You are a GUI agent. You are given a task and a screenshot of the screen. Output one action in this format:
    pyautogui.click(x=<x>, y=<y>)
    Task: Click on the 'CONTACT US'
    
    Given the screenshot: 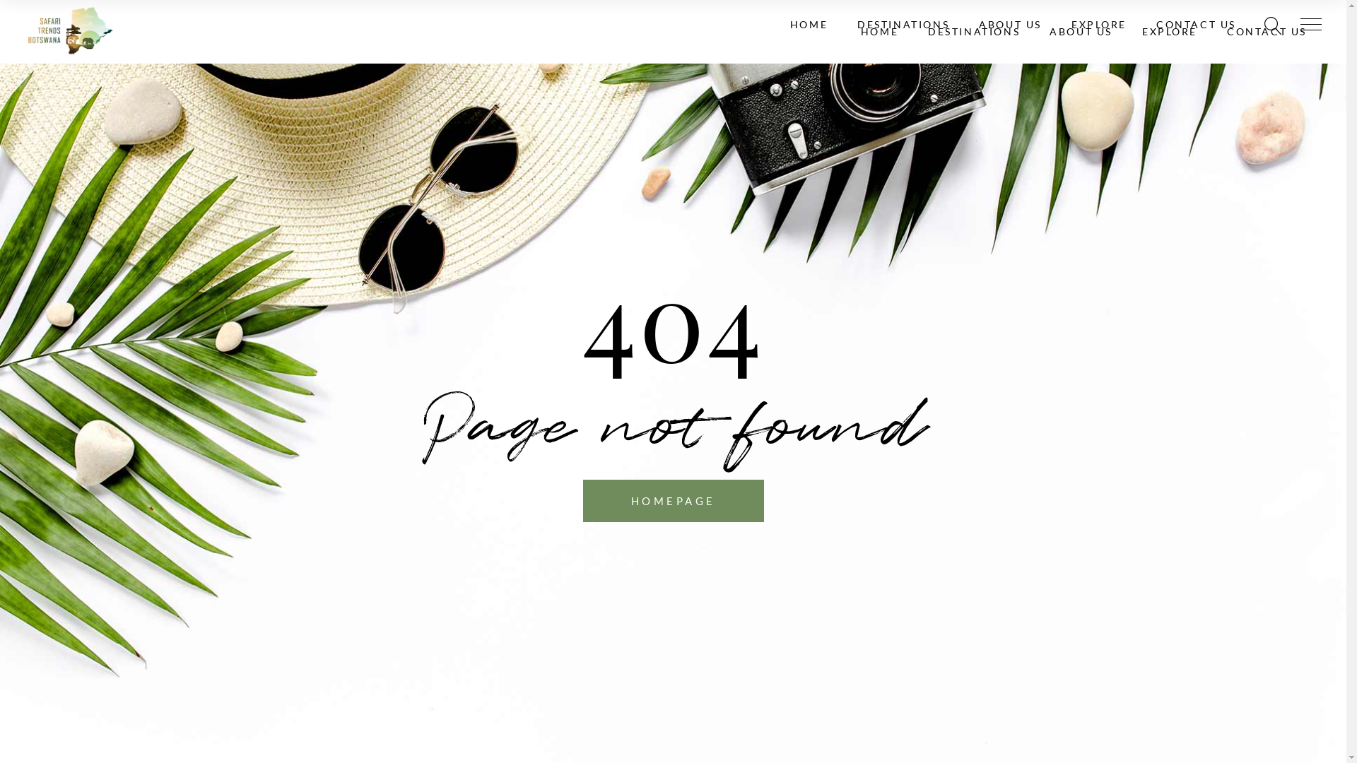 What is the action you would take?
    pyautogui.click(x=1267, y=32)
    